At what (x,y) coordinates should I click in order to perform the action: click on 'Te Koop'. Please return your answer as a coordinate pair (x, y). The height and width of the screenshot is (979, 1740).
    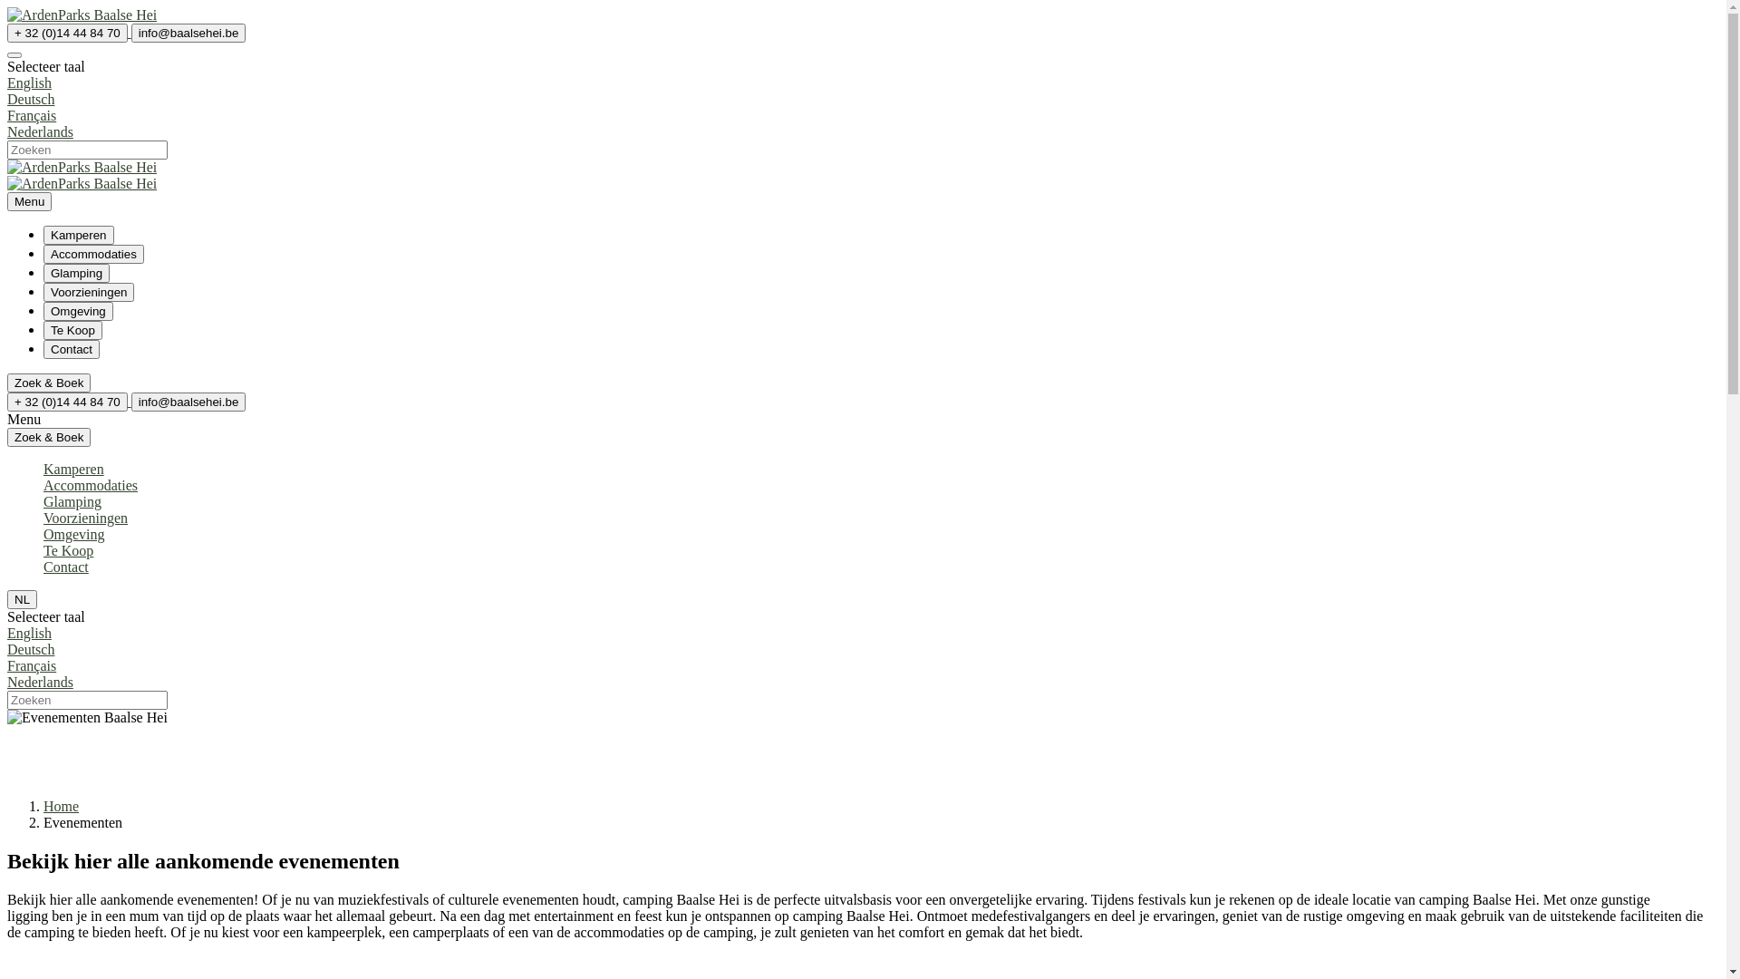
    Looking at the image, I should click on (43, 330).